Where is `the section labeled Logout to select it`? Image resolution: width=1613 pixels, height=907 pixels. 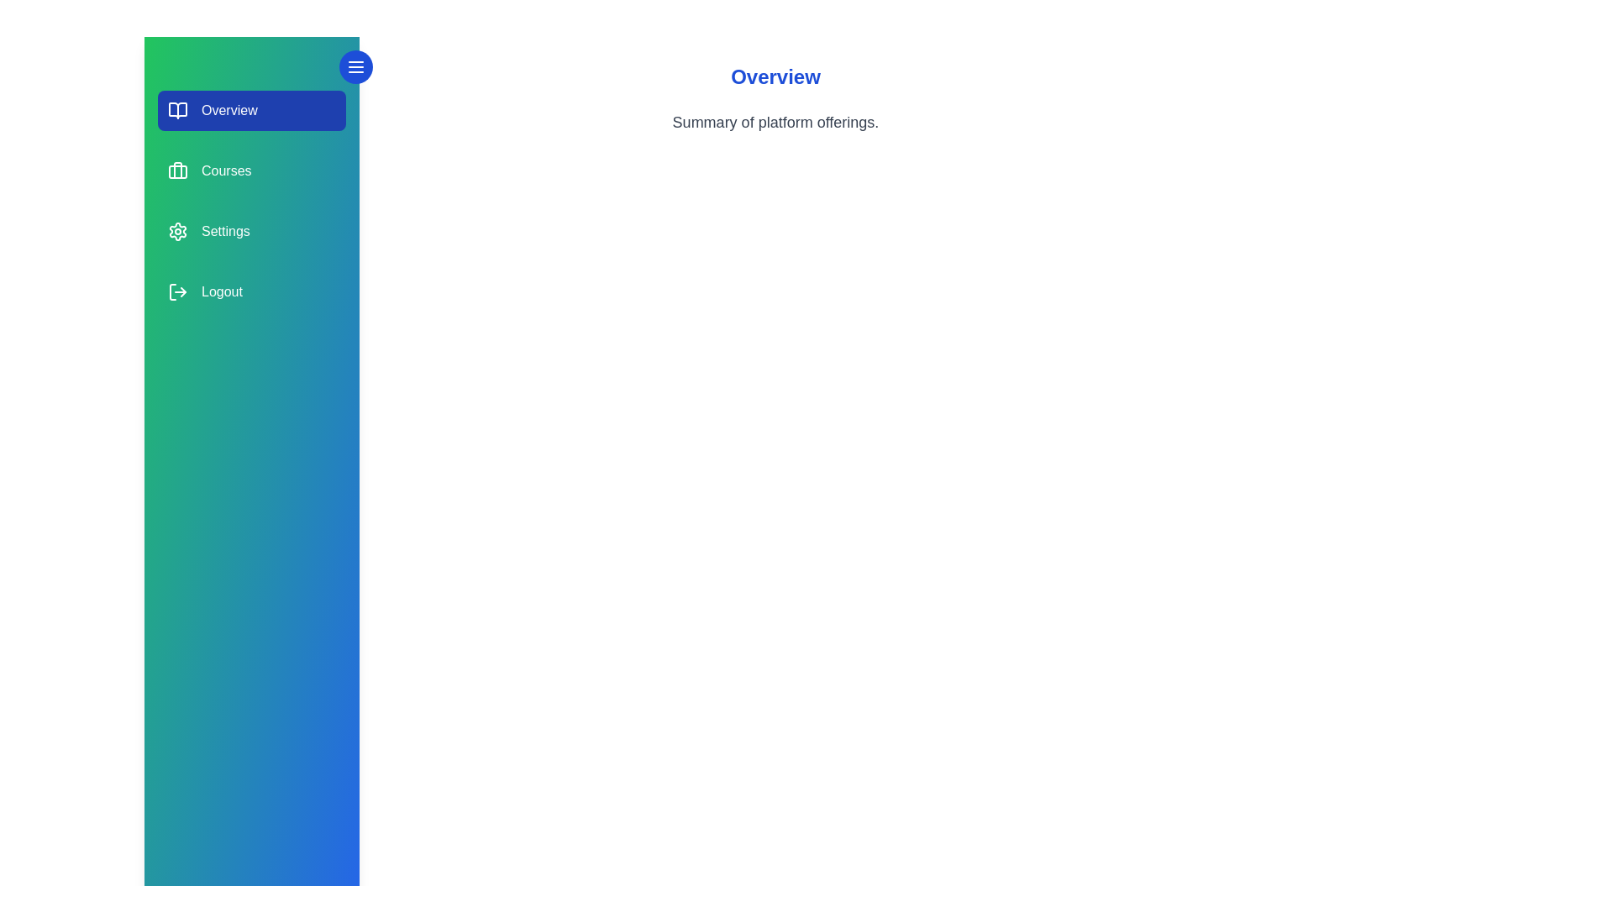 the section labeled Logout to select it is located at coordinates (250, 291).